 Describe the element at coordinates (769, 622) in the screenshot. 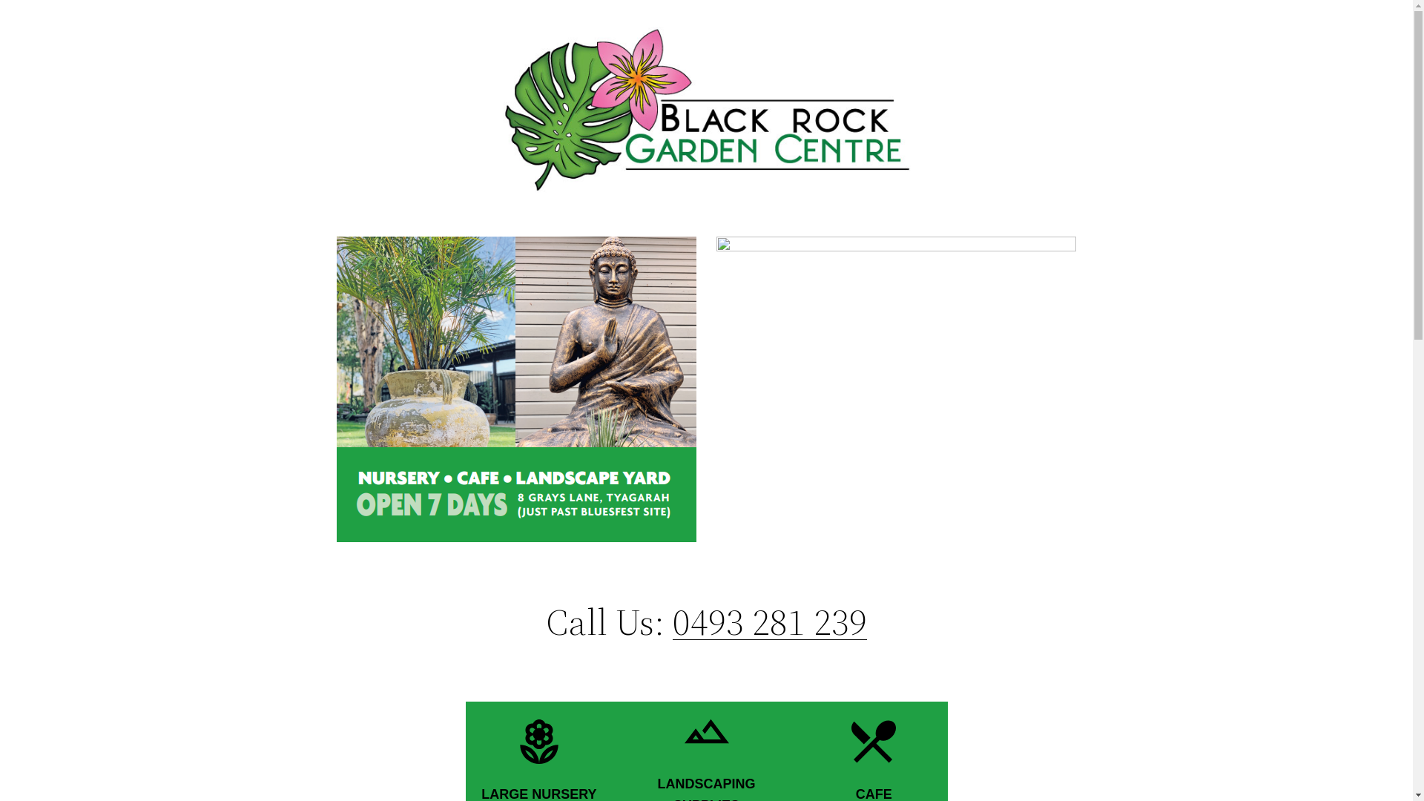

I see `'0493 281 239'` at that location.